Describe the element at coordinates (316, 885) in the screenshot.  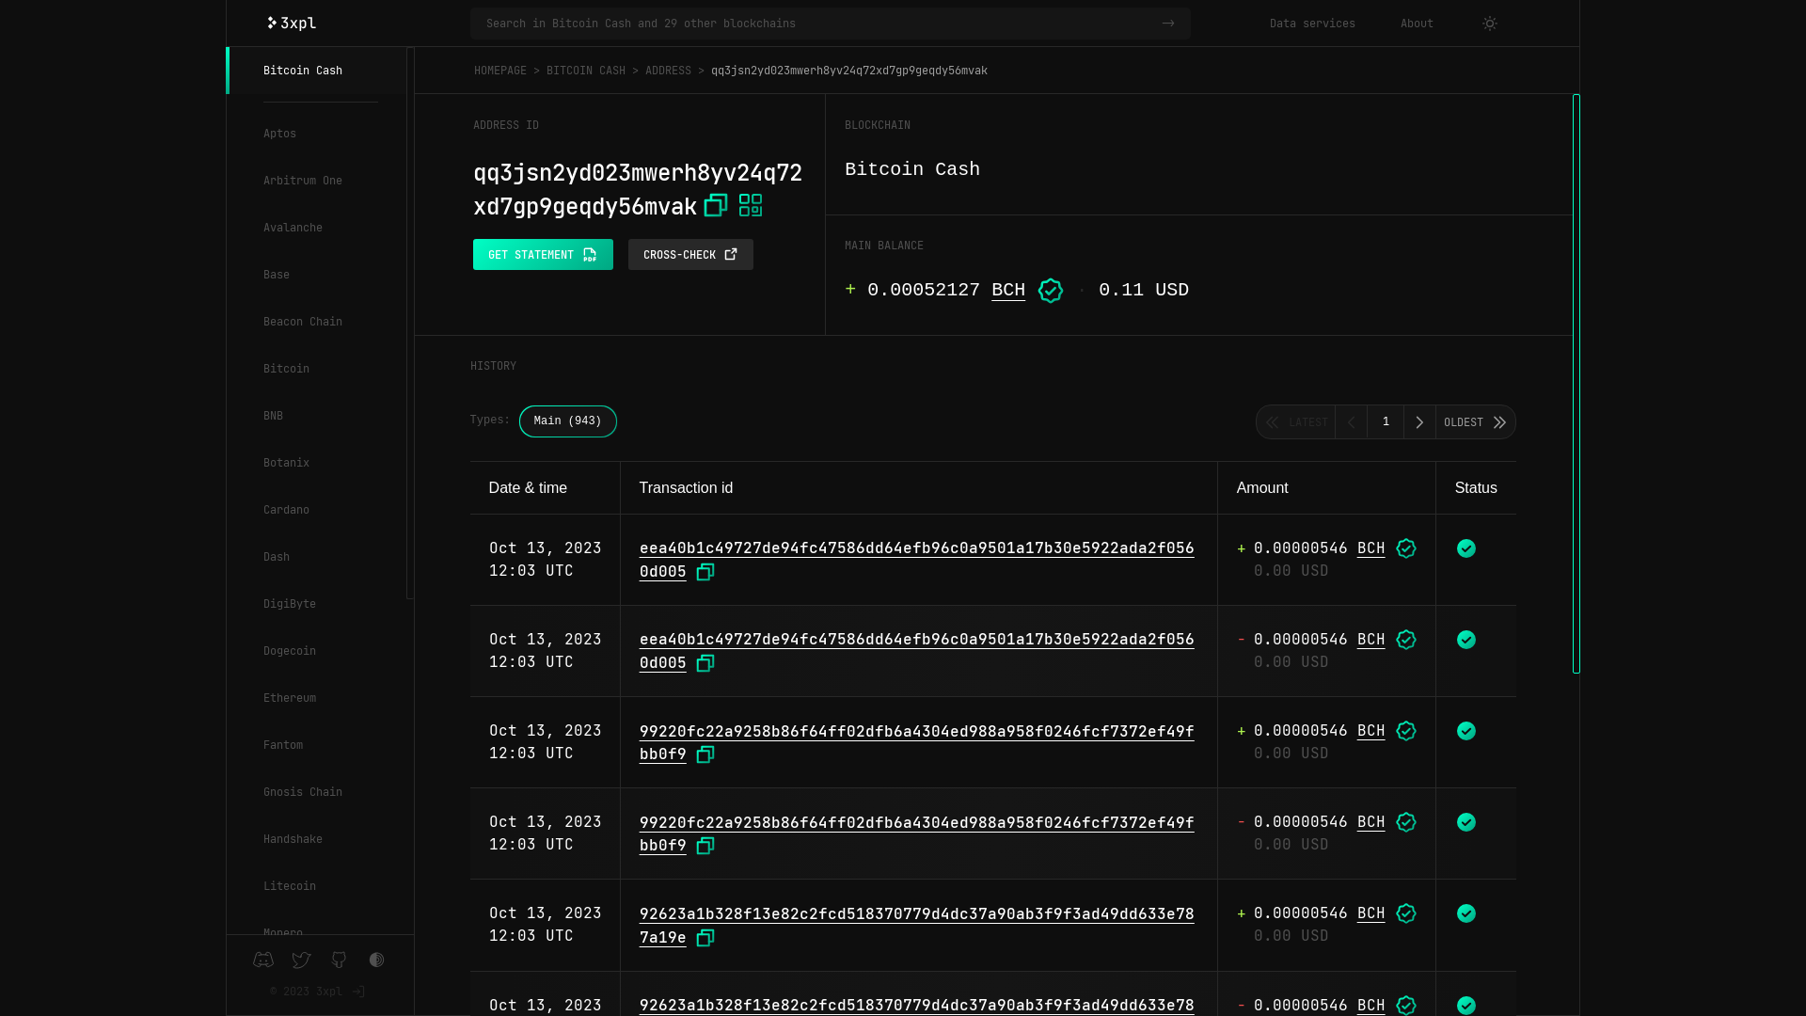
I see `'Litecoin'` at that location.